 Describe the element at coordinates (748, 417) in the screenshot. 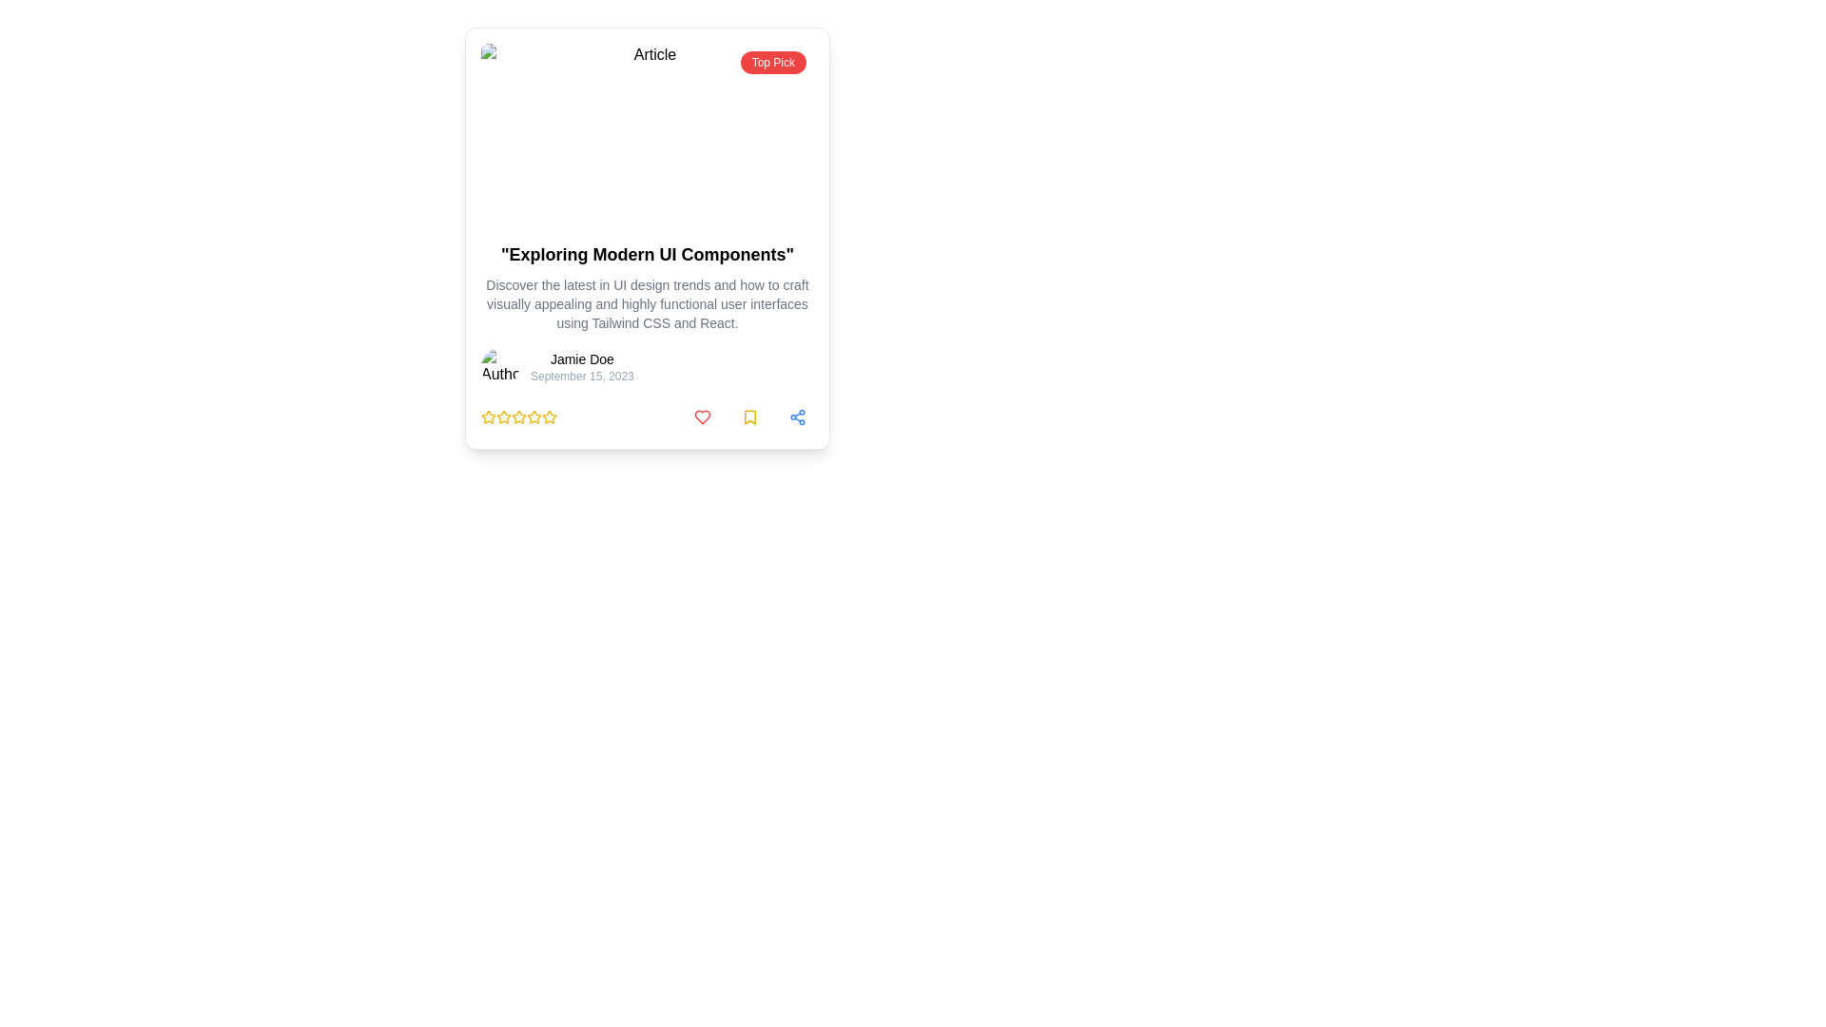

I see `the yellow bookmark-shaped vector icon located at the bottom-right section of the article details card` at that location.